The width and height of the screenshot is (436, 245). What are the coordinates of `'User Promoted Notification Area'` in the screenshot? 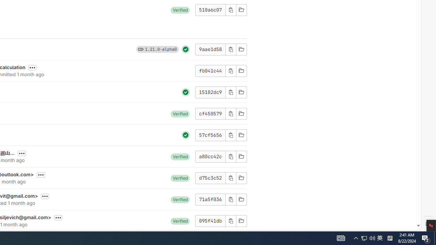 It's located at (368, 238).